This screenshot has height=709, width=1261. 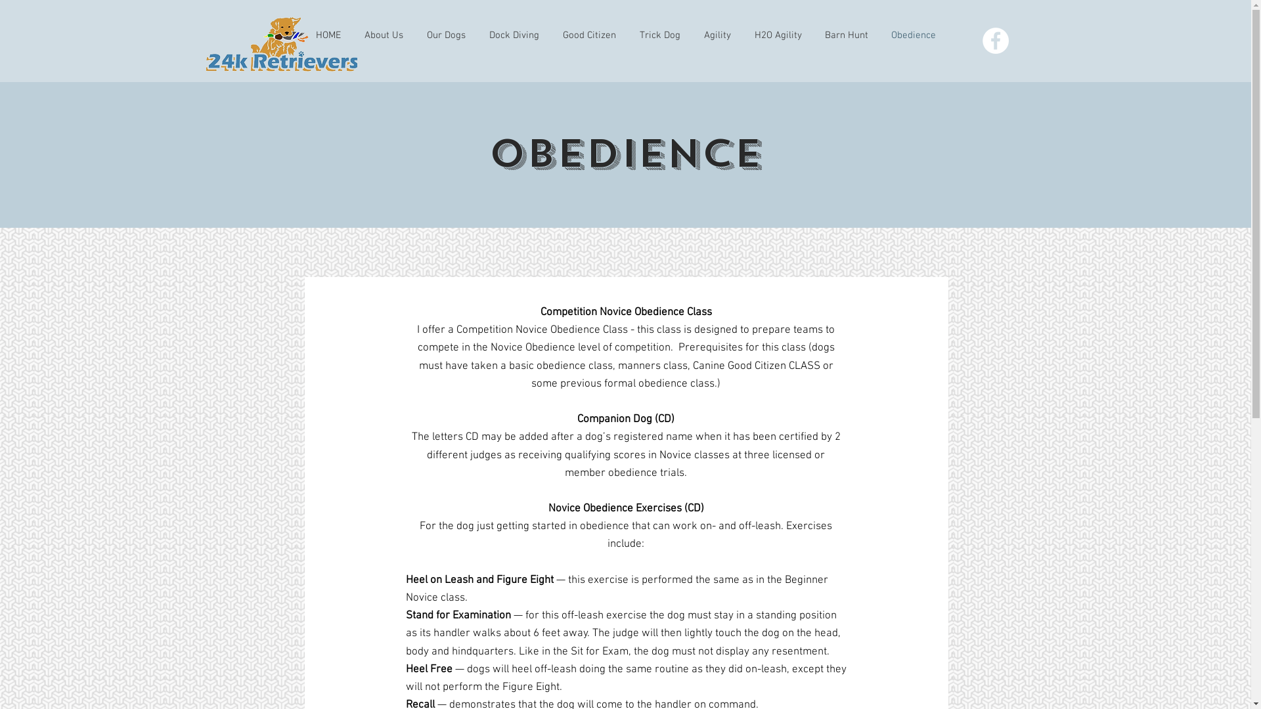 I want to click on 'H2O Agility', so click(x=778, y=35).